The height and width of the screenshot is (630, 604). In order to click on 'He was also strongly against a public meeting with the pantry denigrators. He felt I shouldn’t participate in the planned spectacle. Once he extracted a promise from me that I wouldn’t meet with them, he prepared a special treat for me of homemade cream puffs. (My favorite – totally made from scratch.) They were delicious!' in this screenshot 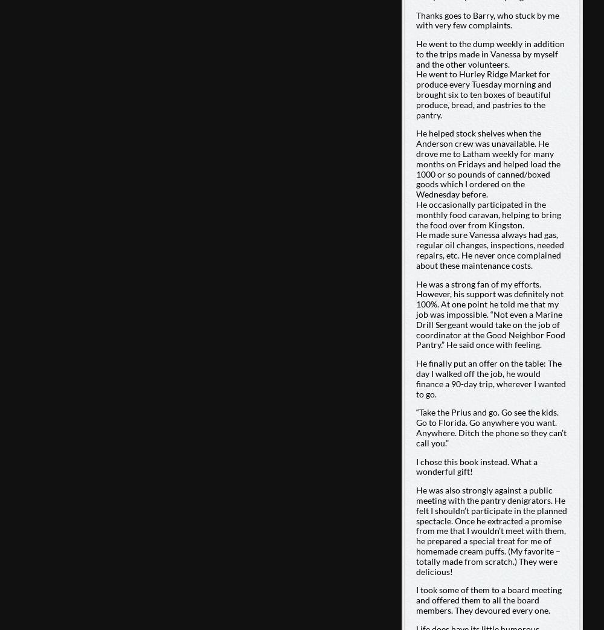, I will do `click(416, 530)`.